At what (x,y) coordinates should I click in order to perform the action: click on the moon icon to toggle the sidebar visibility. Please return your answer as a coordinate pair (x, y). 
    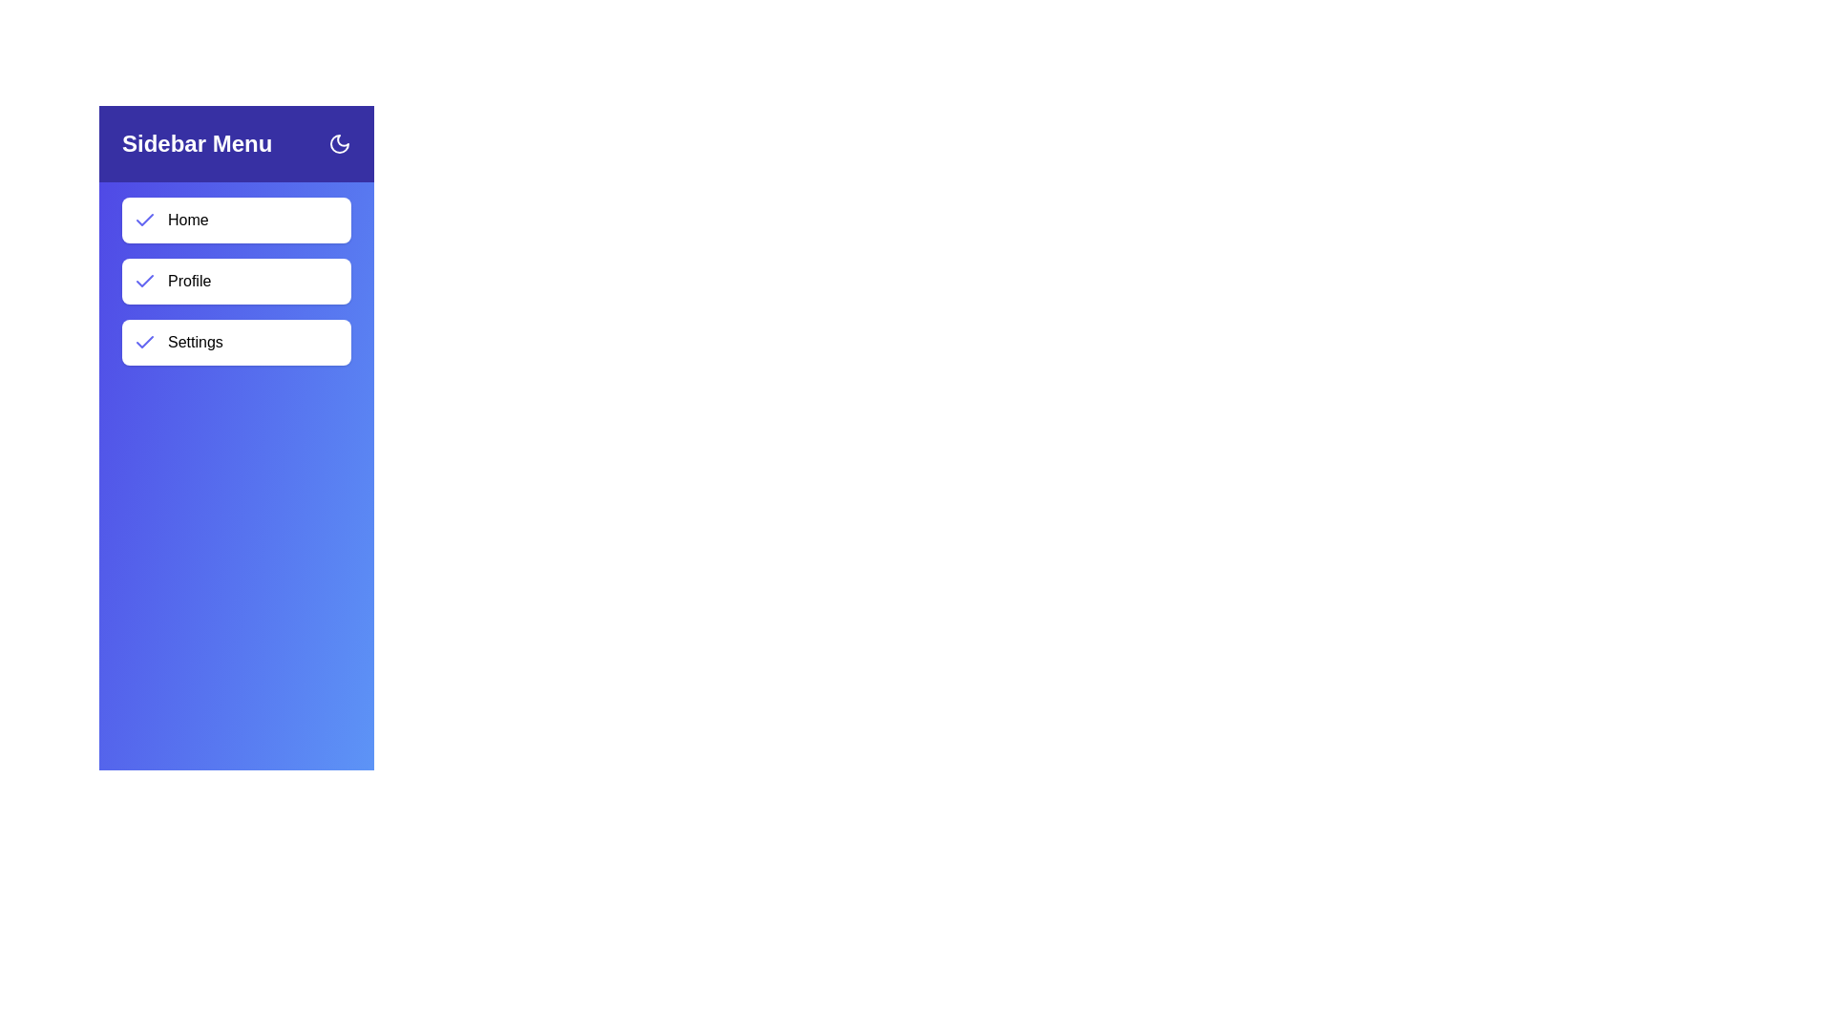
    Looking at the image, I should click on (339, 142).